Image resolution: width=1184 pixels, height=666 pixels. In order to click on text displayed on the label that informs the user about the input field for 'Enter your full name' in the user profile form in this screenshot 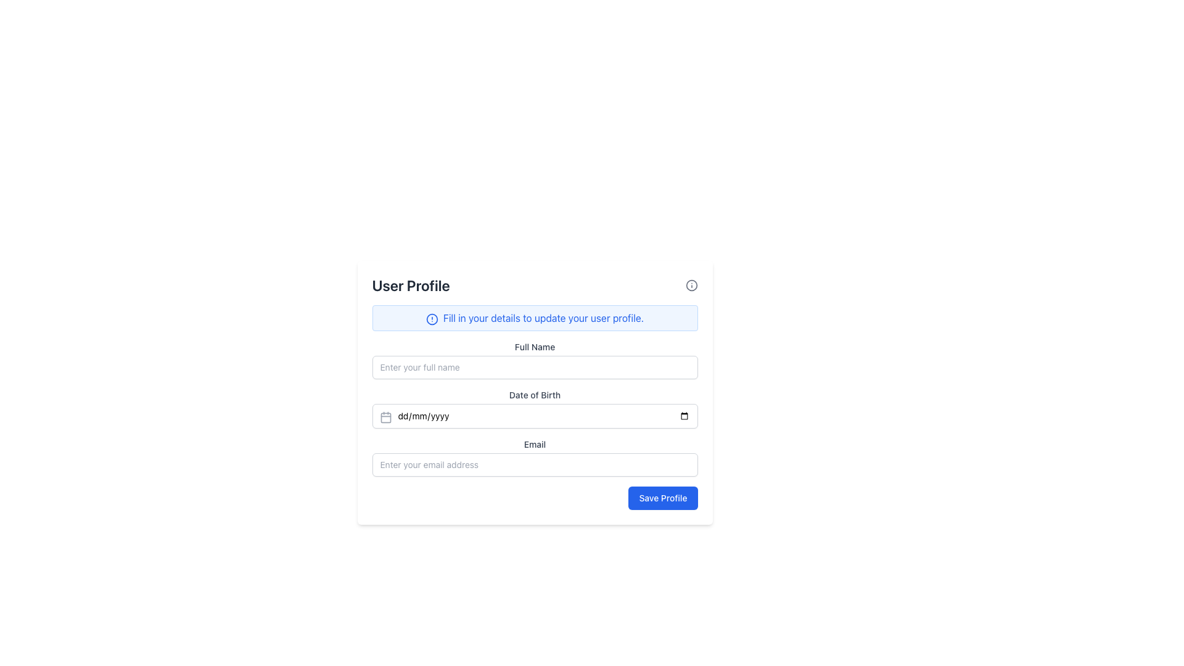, I will do `click(535, 347)`.